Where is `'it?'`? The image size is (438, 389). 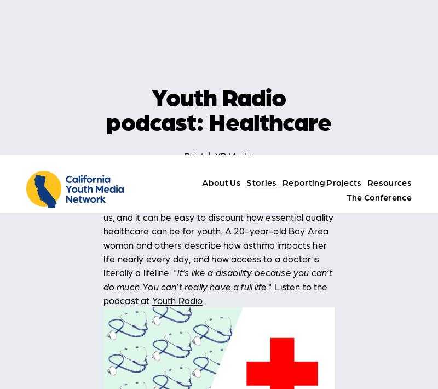 'it?' is located at coordinates (383, 367).